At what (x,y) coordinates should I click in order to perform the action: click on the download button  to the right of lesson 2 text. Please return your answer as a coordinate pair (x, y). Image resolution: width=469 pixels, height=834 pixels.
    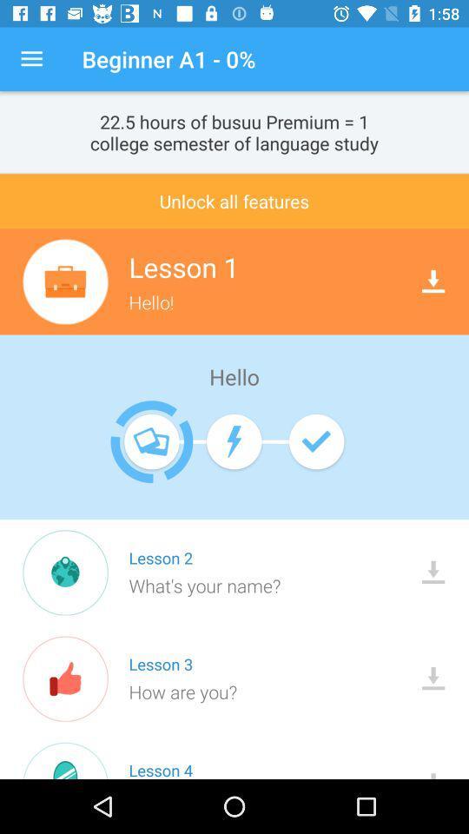
    Looking at the image, I should click on (433, 572).